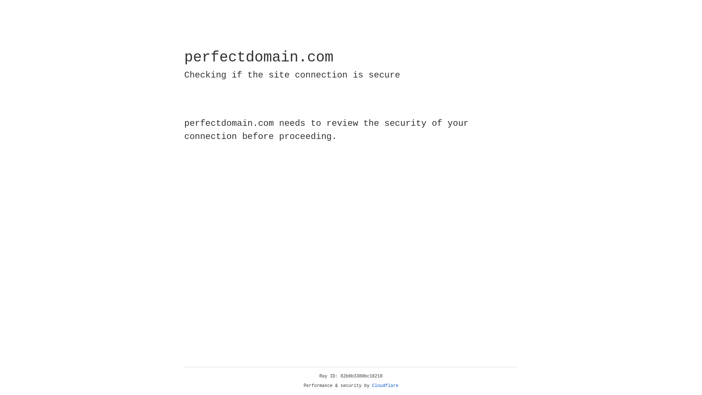 The height and width of the screenshot is (395, 702). What do you see at coordinates (385, 385) in the screenshot?
I see `'Cloudflare'` at bounding box center [385, 385].